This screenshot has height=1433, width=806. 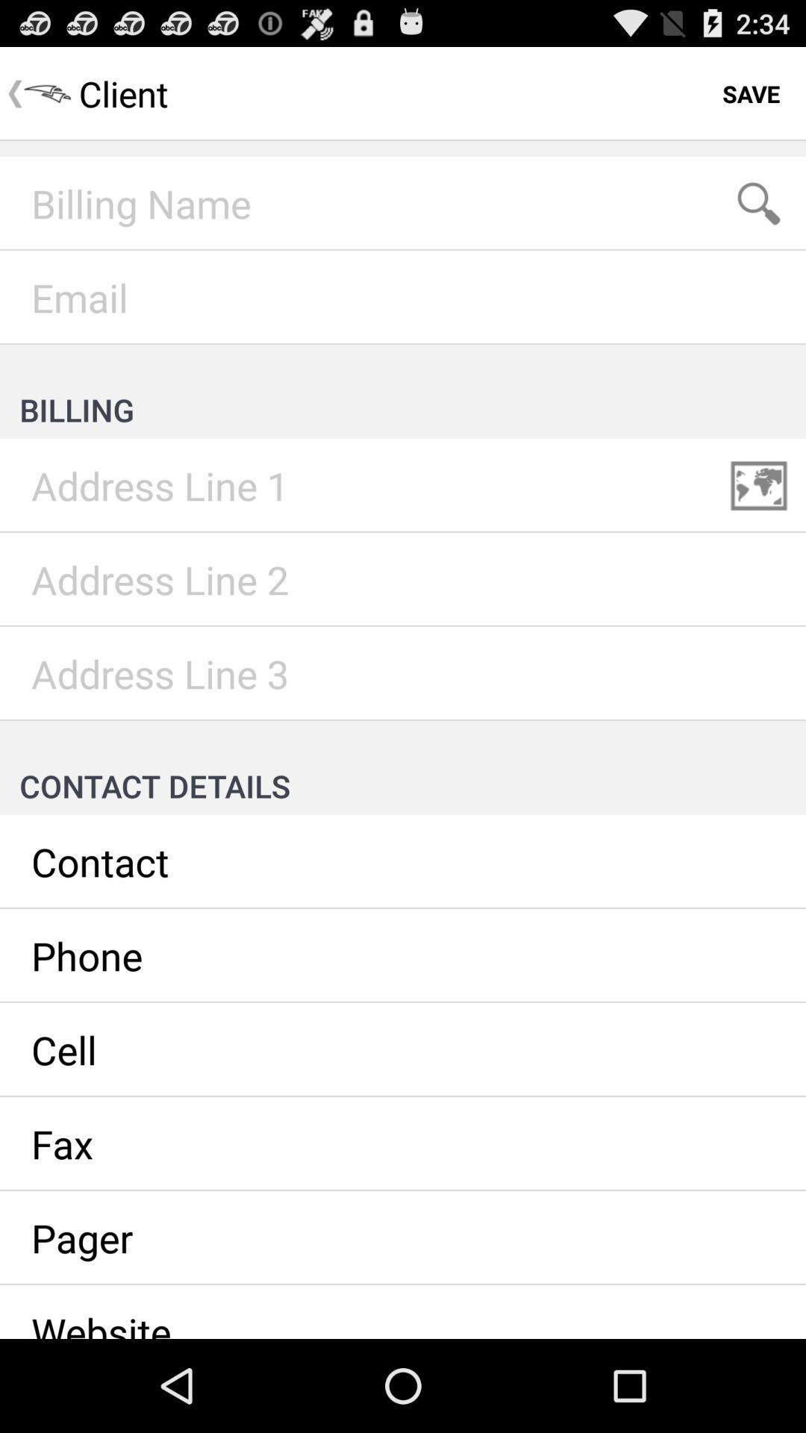 I want to click on enter your website information, so click(x=403, y=1311).